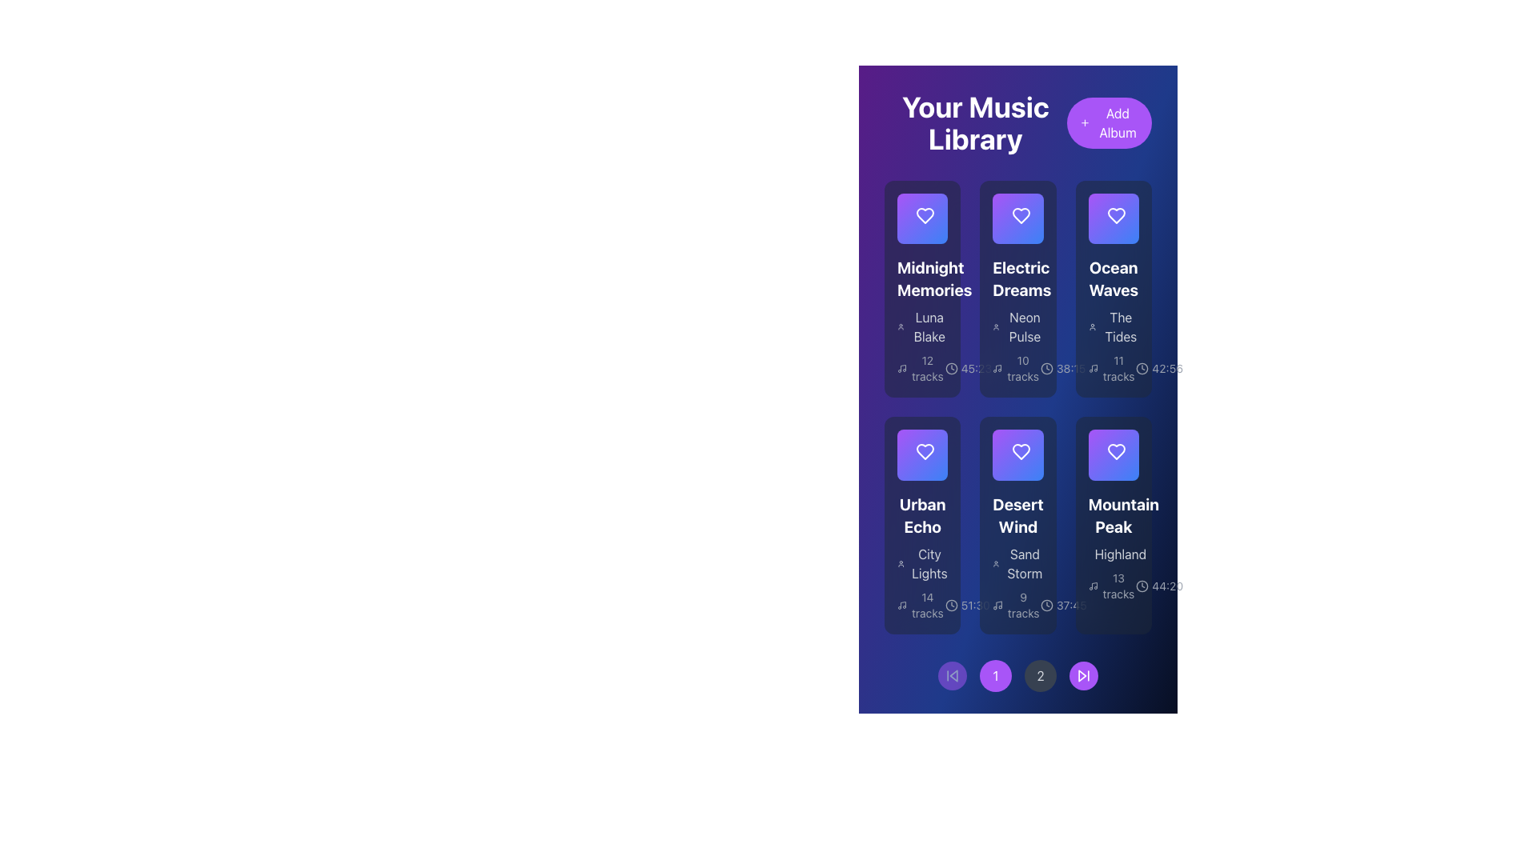 The height and width of the screenshot is (864, 1537). Describe the element at coordinates (1025, 562) in the screenshot. I see `the text label providing additional context for the 'Desert Wind' tile, located centrally below the title` at that location.